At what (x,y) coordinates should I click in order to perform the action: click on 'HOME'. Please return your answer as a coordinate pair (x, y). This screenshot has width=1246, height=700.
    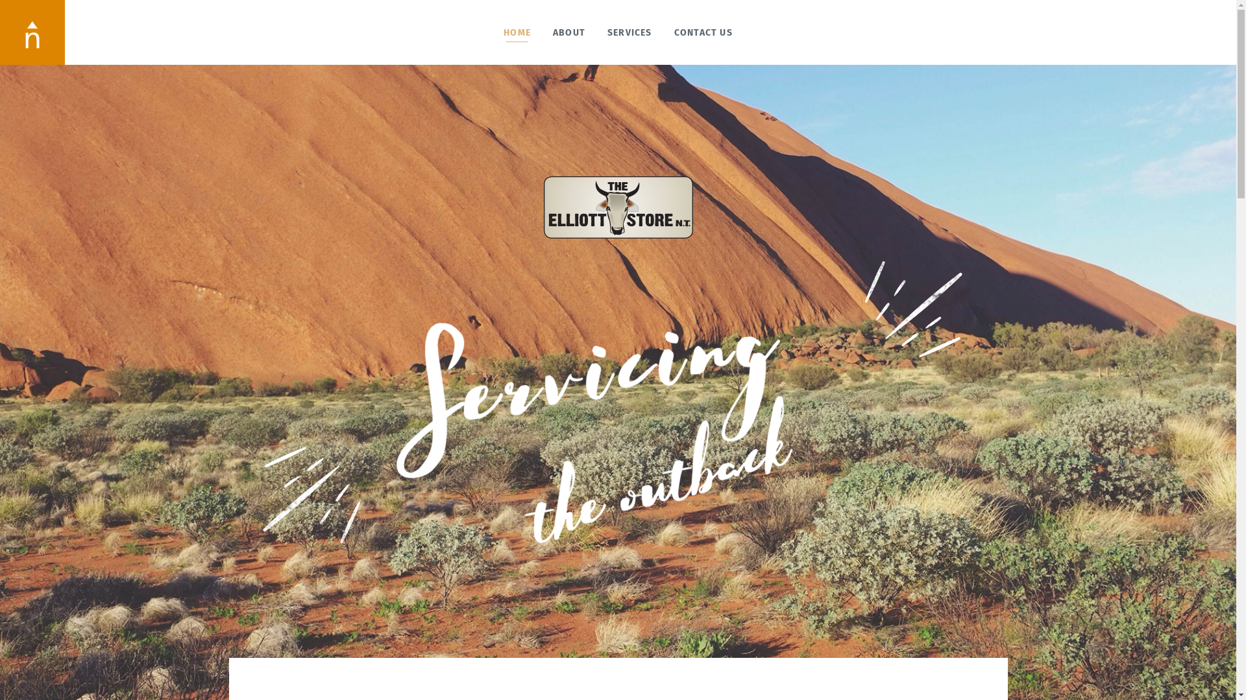
    Looking at the image, I should click on (516, 32).